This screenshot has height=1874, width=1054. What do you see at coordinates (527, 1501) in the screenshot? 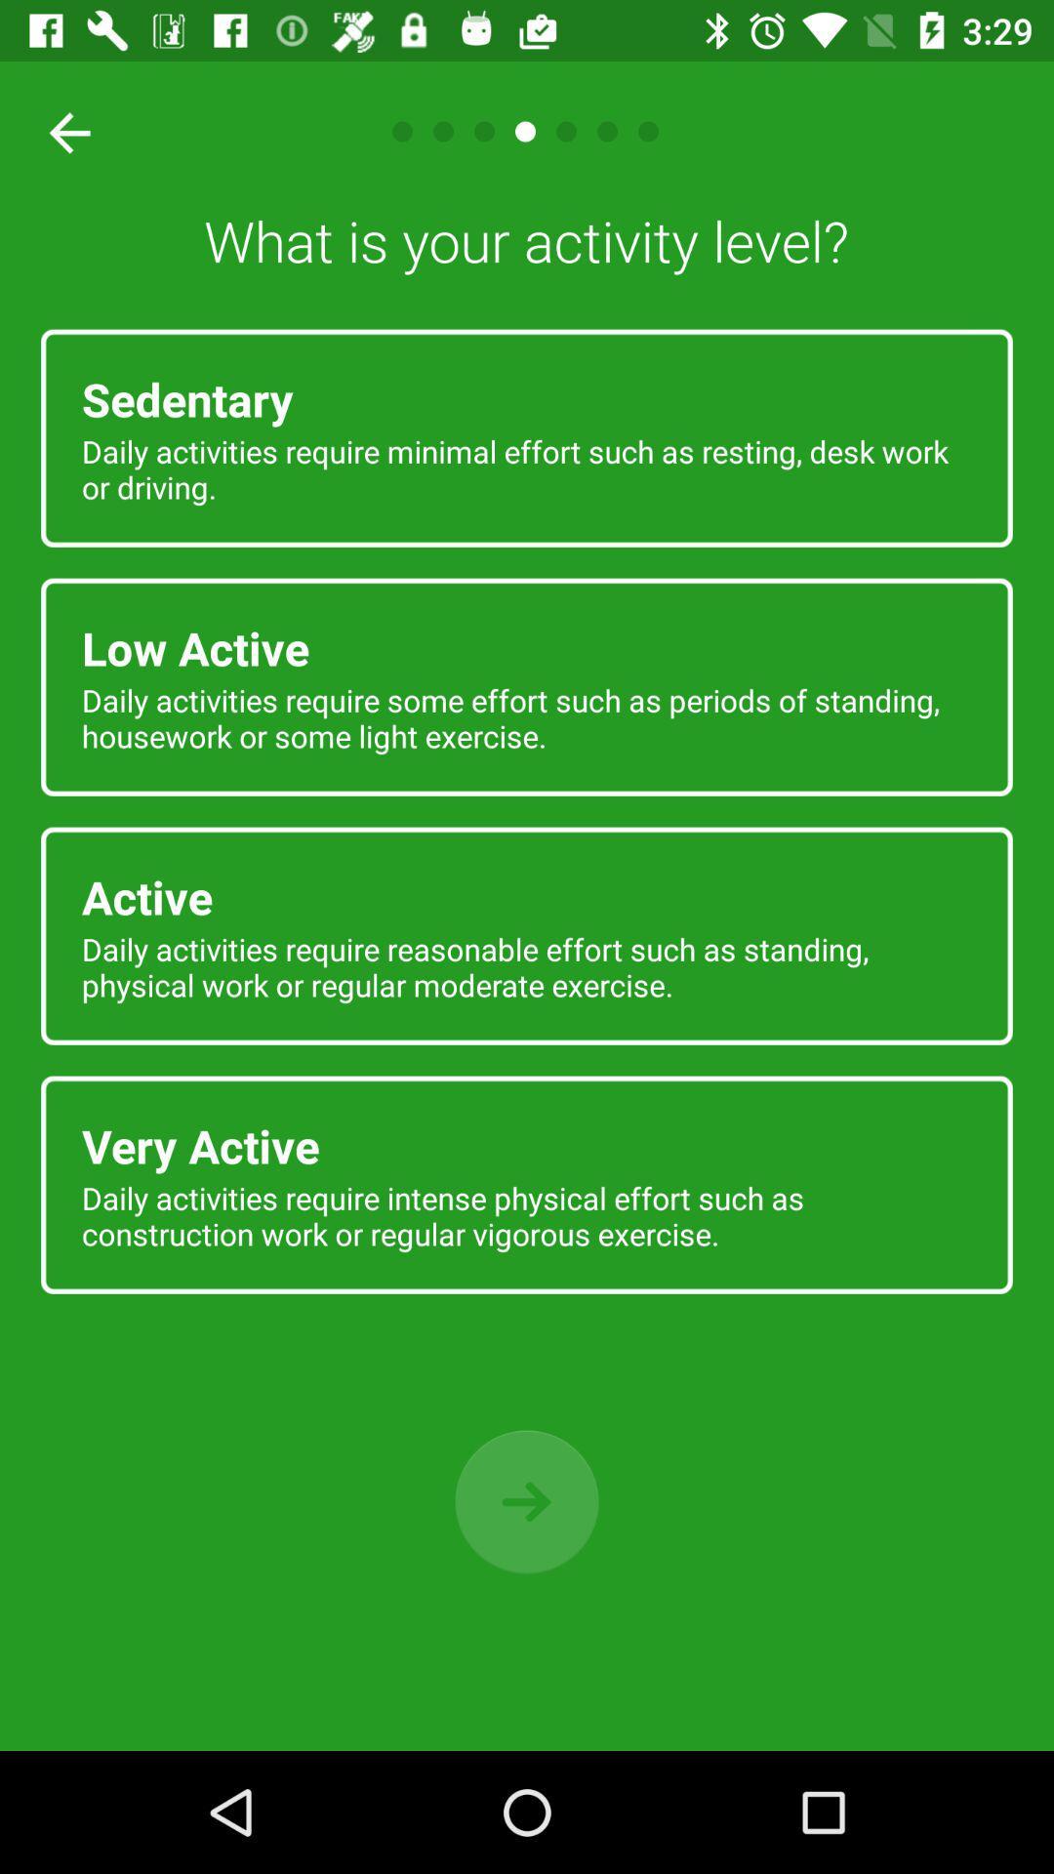
I see `go back` at bounding box center [527, 1501].